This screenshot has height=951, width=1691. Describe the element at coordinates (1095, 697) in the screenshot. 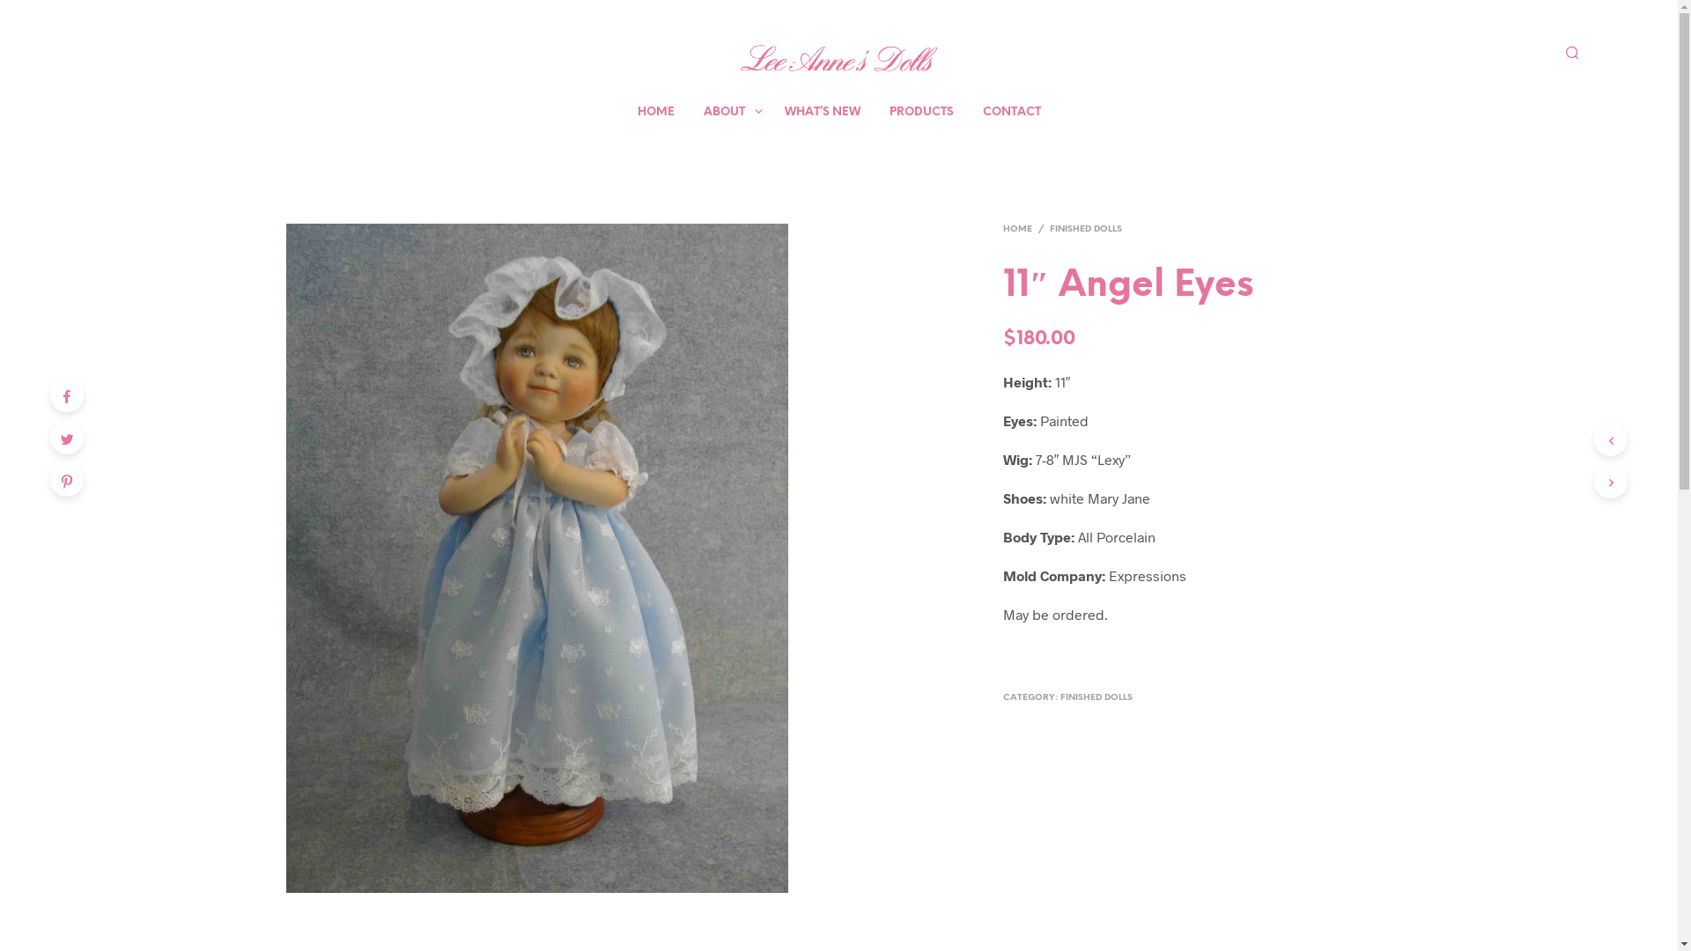

I see `'FINISHED DOLLS'` at that location.